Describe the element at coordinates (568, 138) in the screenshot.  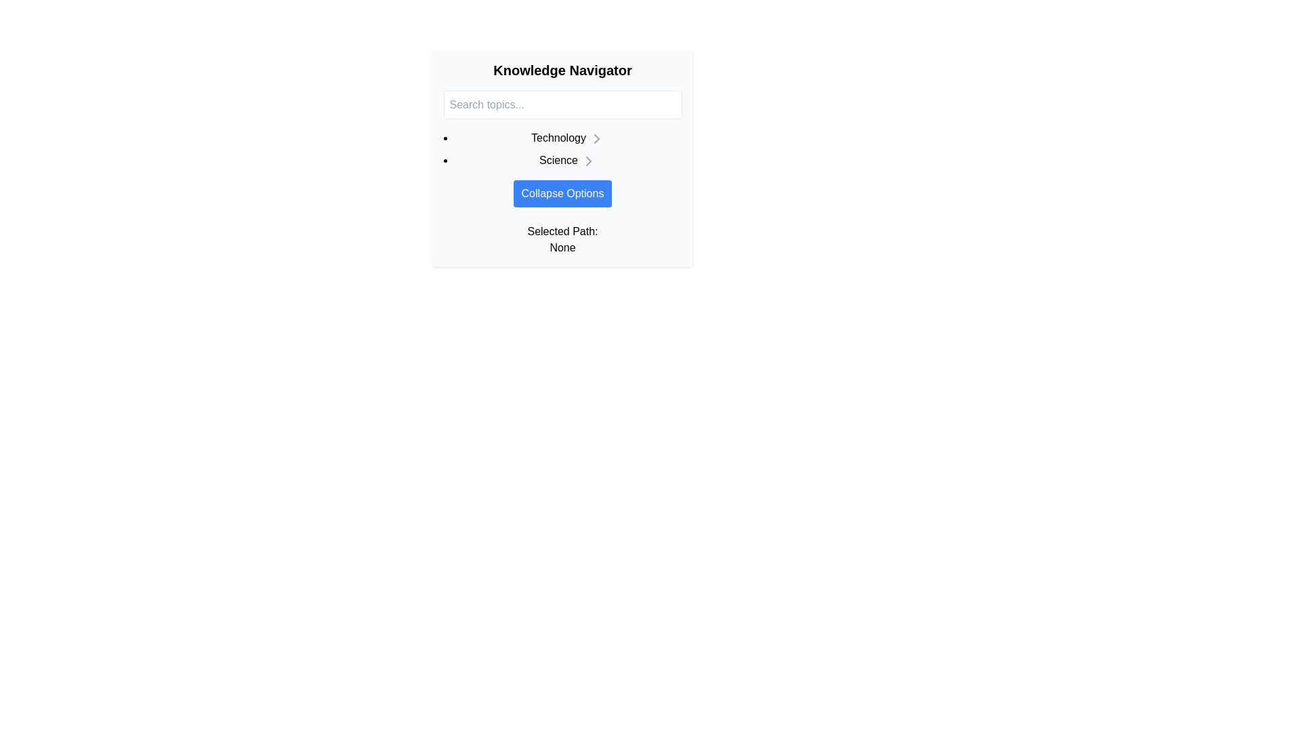
I see `the text-based link labeled 'Technology' with an adjacent chevron icon` at that location.